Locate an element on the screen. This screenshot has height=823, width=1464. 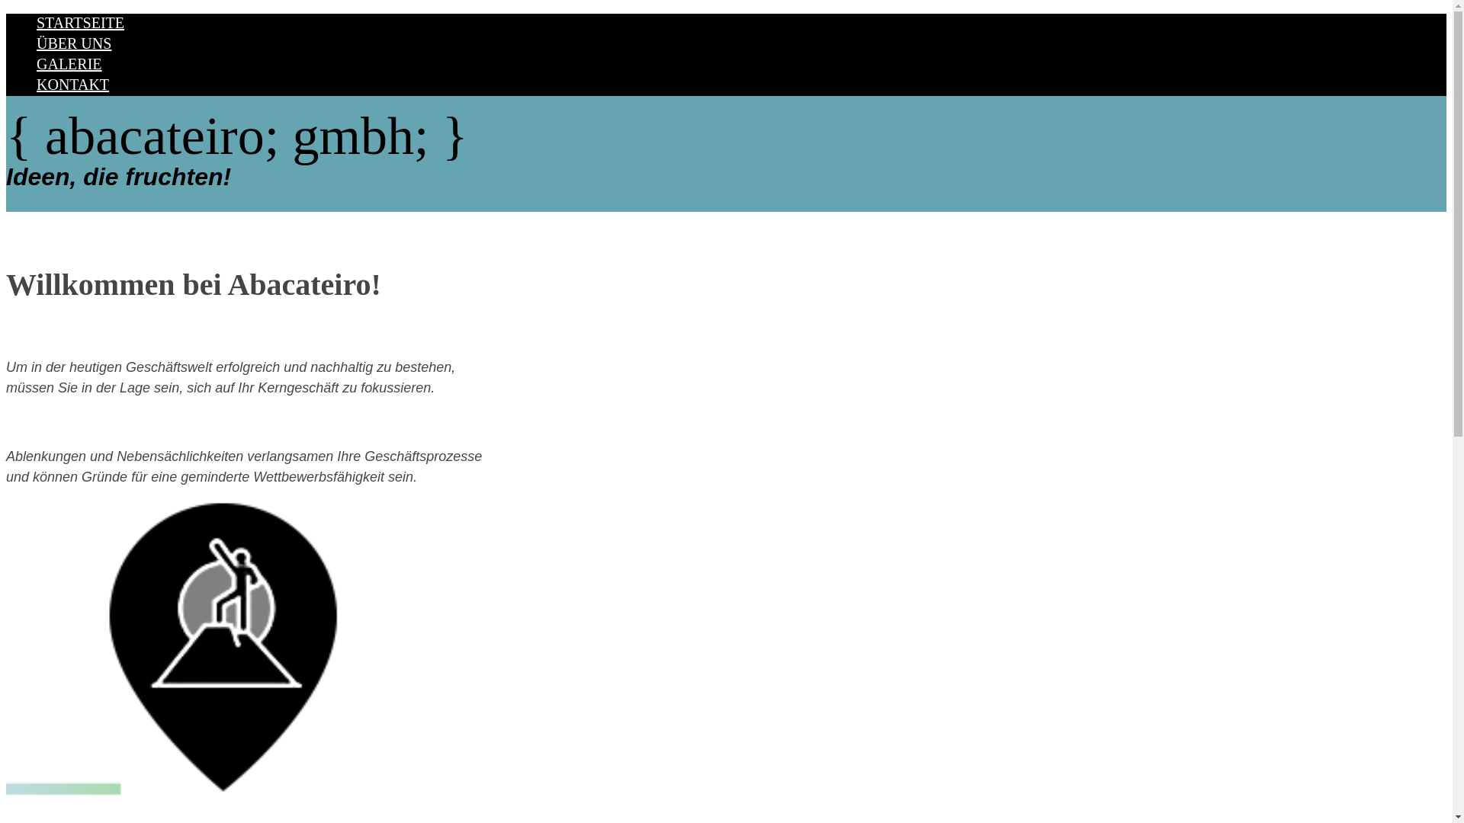
'GALERIE' is located at coordinates (37, 63).